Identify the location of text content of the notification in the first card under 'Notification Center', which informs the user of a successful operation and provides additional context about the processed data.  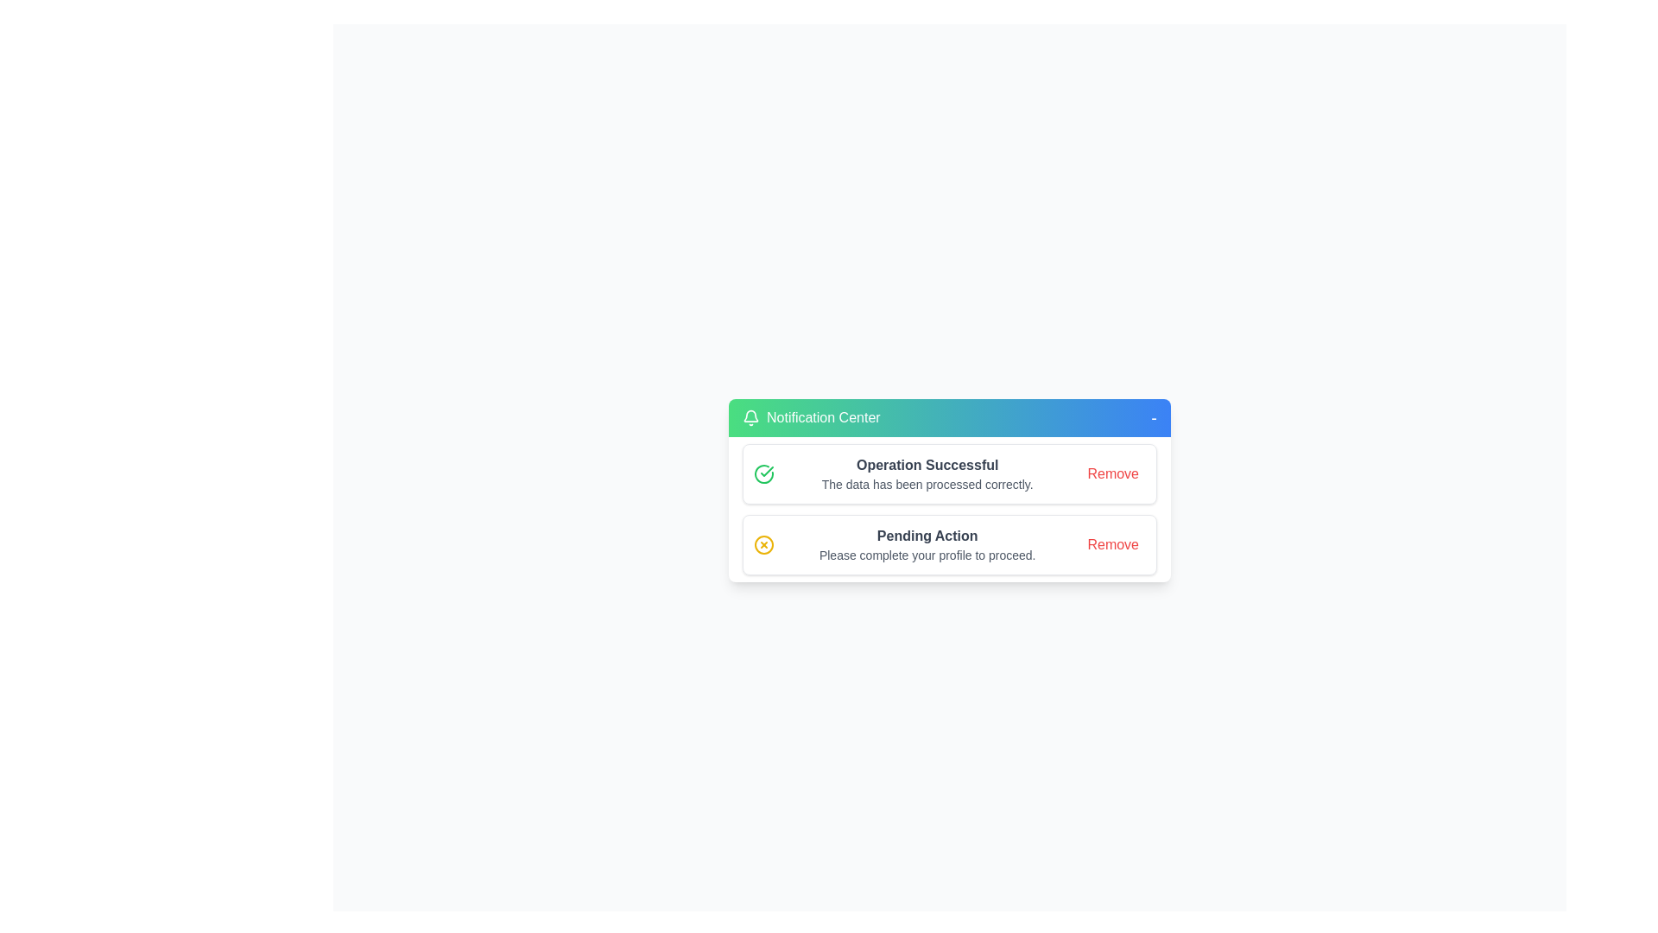
(927, 473).